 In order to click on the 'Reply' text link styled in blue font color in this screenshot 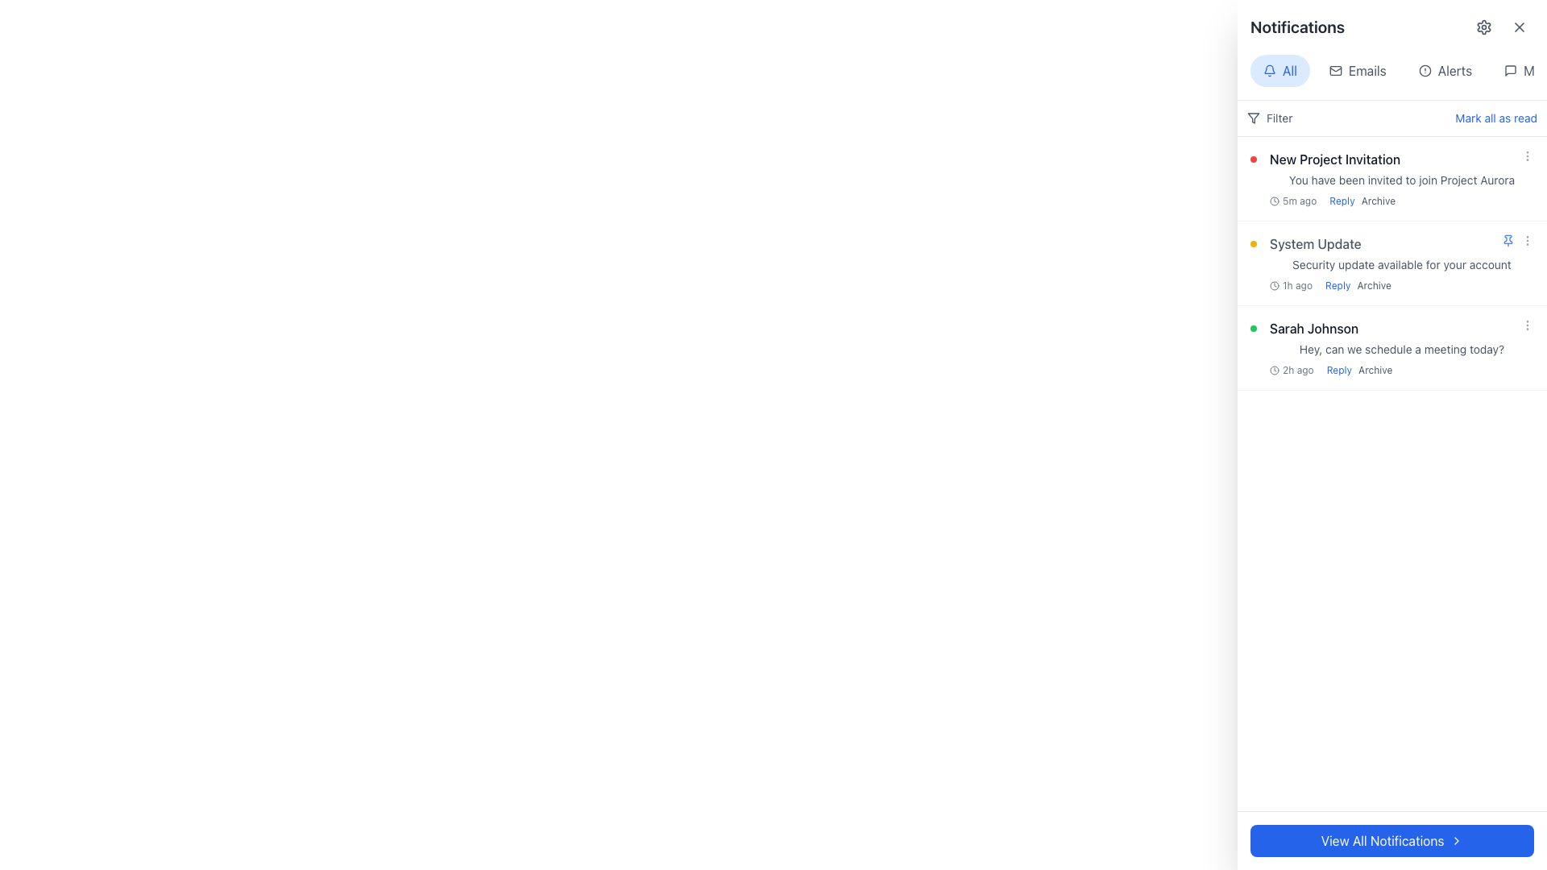, I will do `click(1339, 370)`.